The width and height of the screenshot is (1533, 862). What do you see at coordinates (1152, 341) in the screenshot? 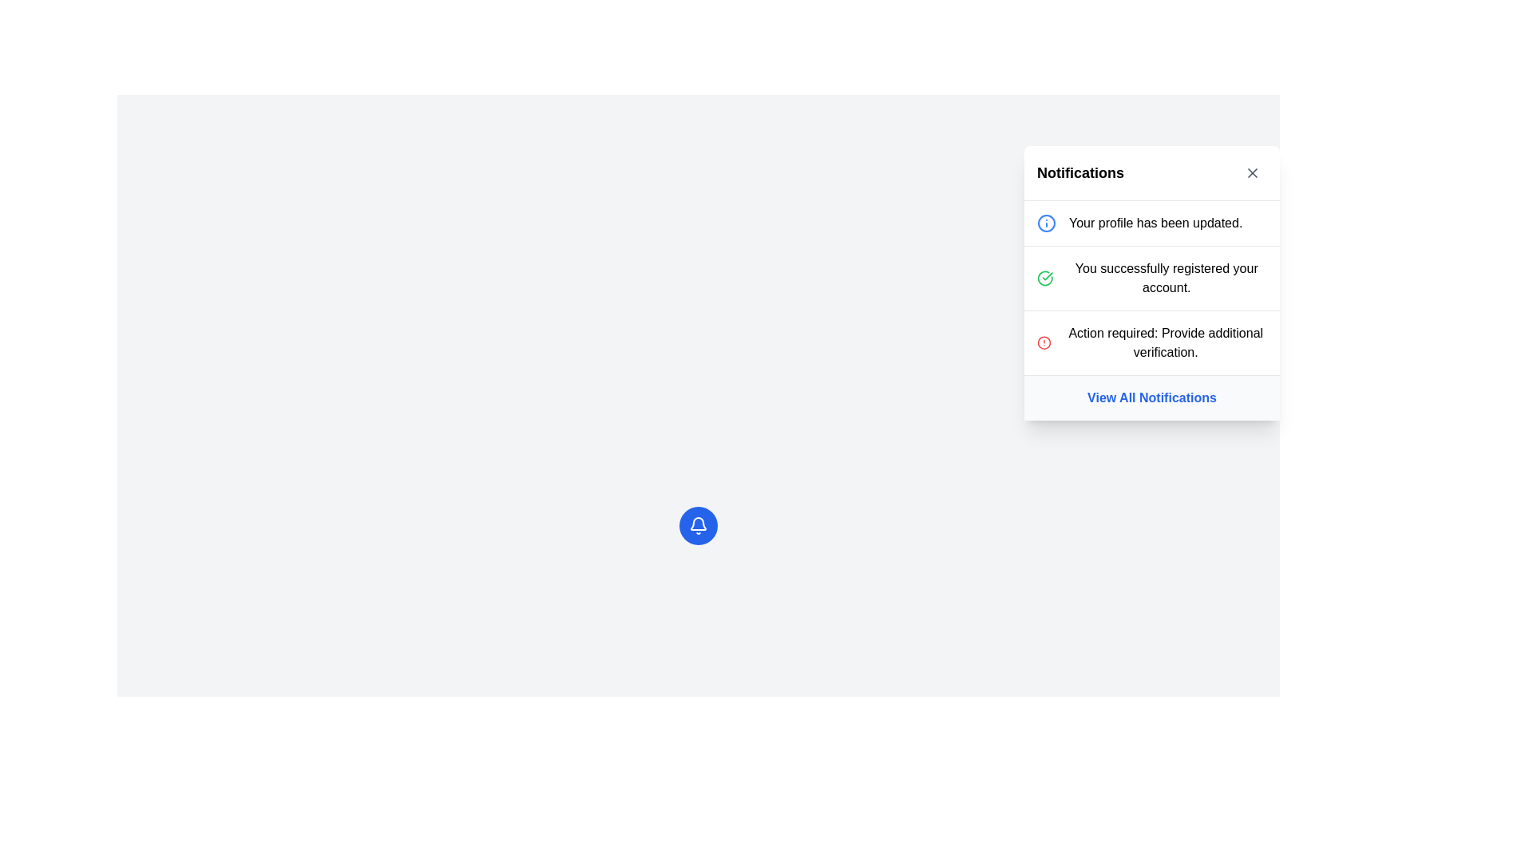
I see `the third notification in the 'Notifications' card, which has a red alert icon and descriptive text, positioned between 'You successfully registered your account.' and 'View All Notifications'` at bounding box center [1152, 341].